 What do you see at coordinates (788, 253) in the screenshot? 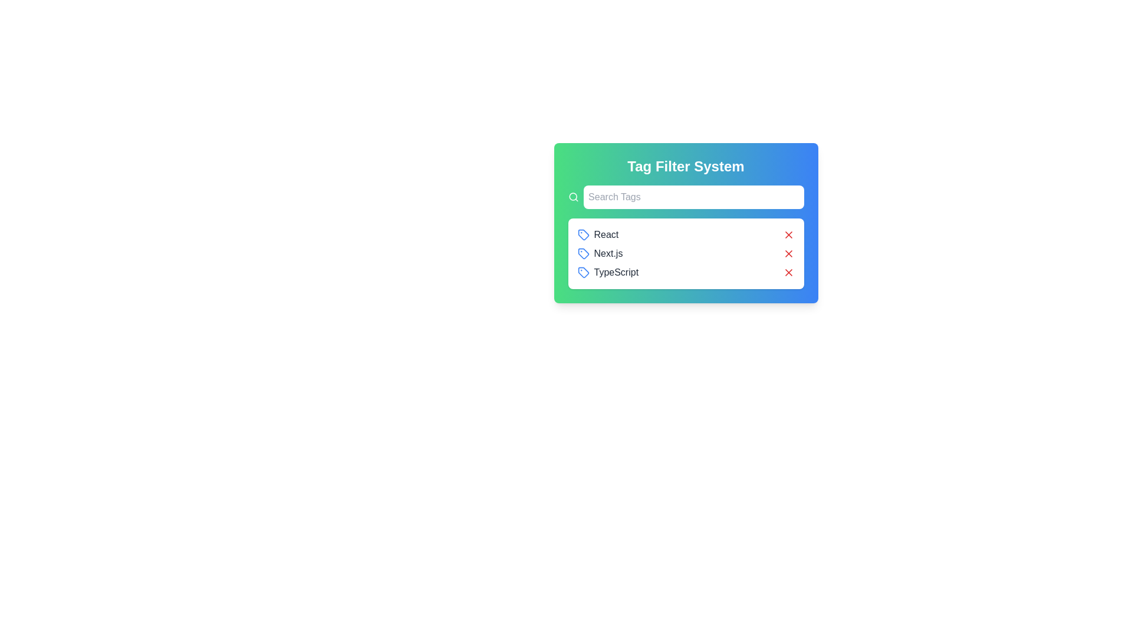
I see `the small red 'X' icon button` at bounding box center [788, 253].